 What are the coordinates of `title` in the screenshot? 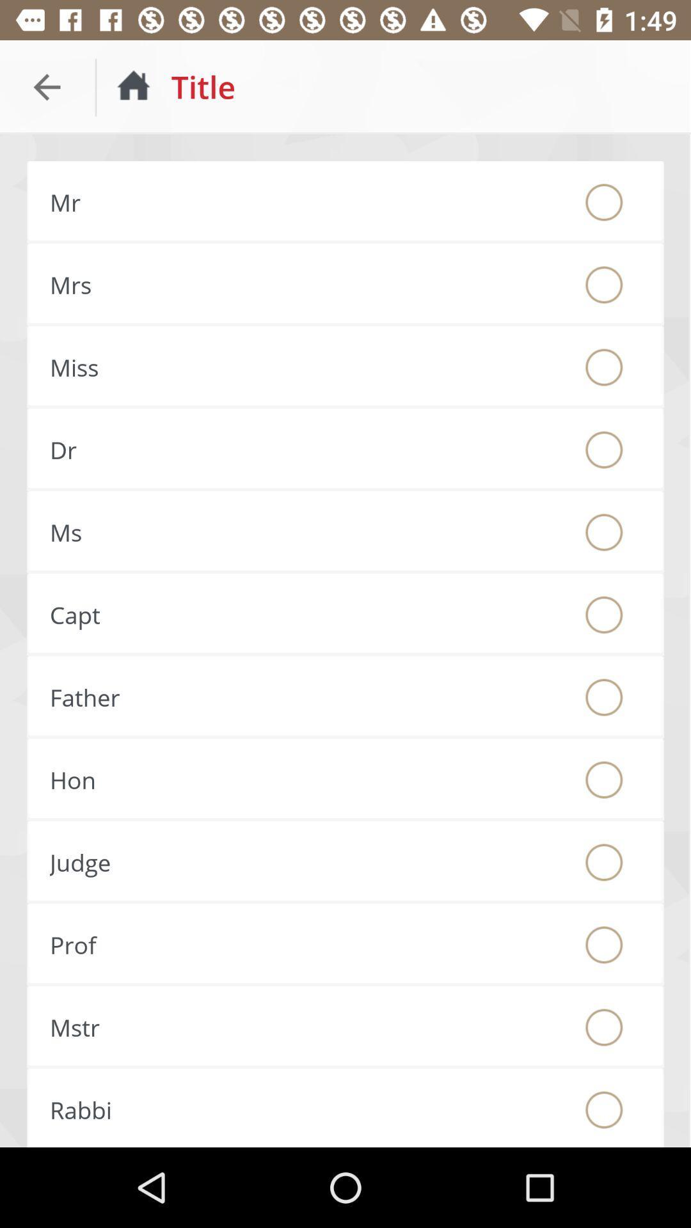 It's located at (604, 532).